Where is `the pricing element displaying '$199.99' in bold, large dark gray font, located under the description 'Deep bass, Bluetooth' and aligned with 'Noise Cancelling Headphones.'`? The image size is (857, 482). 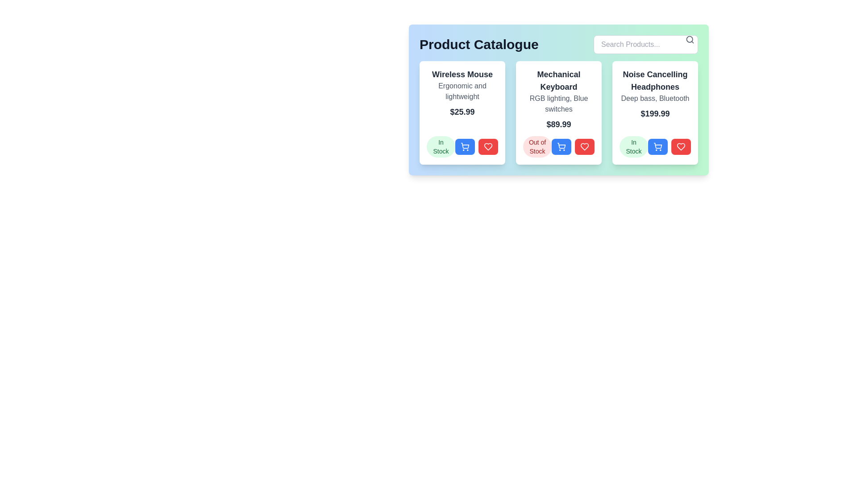 the pricing element displaying '$199.99' in bold, large dark gray font, located under the description 'Deep bass, Bluetooth' and aligned with 'Noise Cancelling Headphones.' is located at coordinates (655, 113).